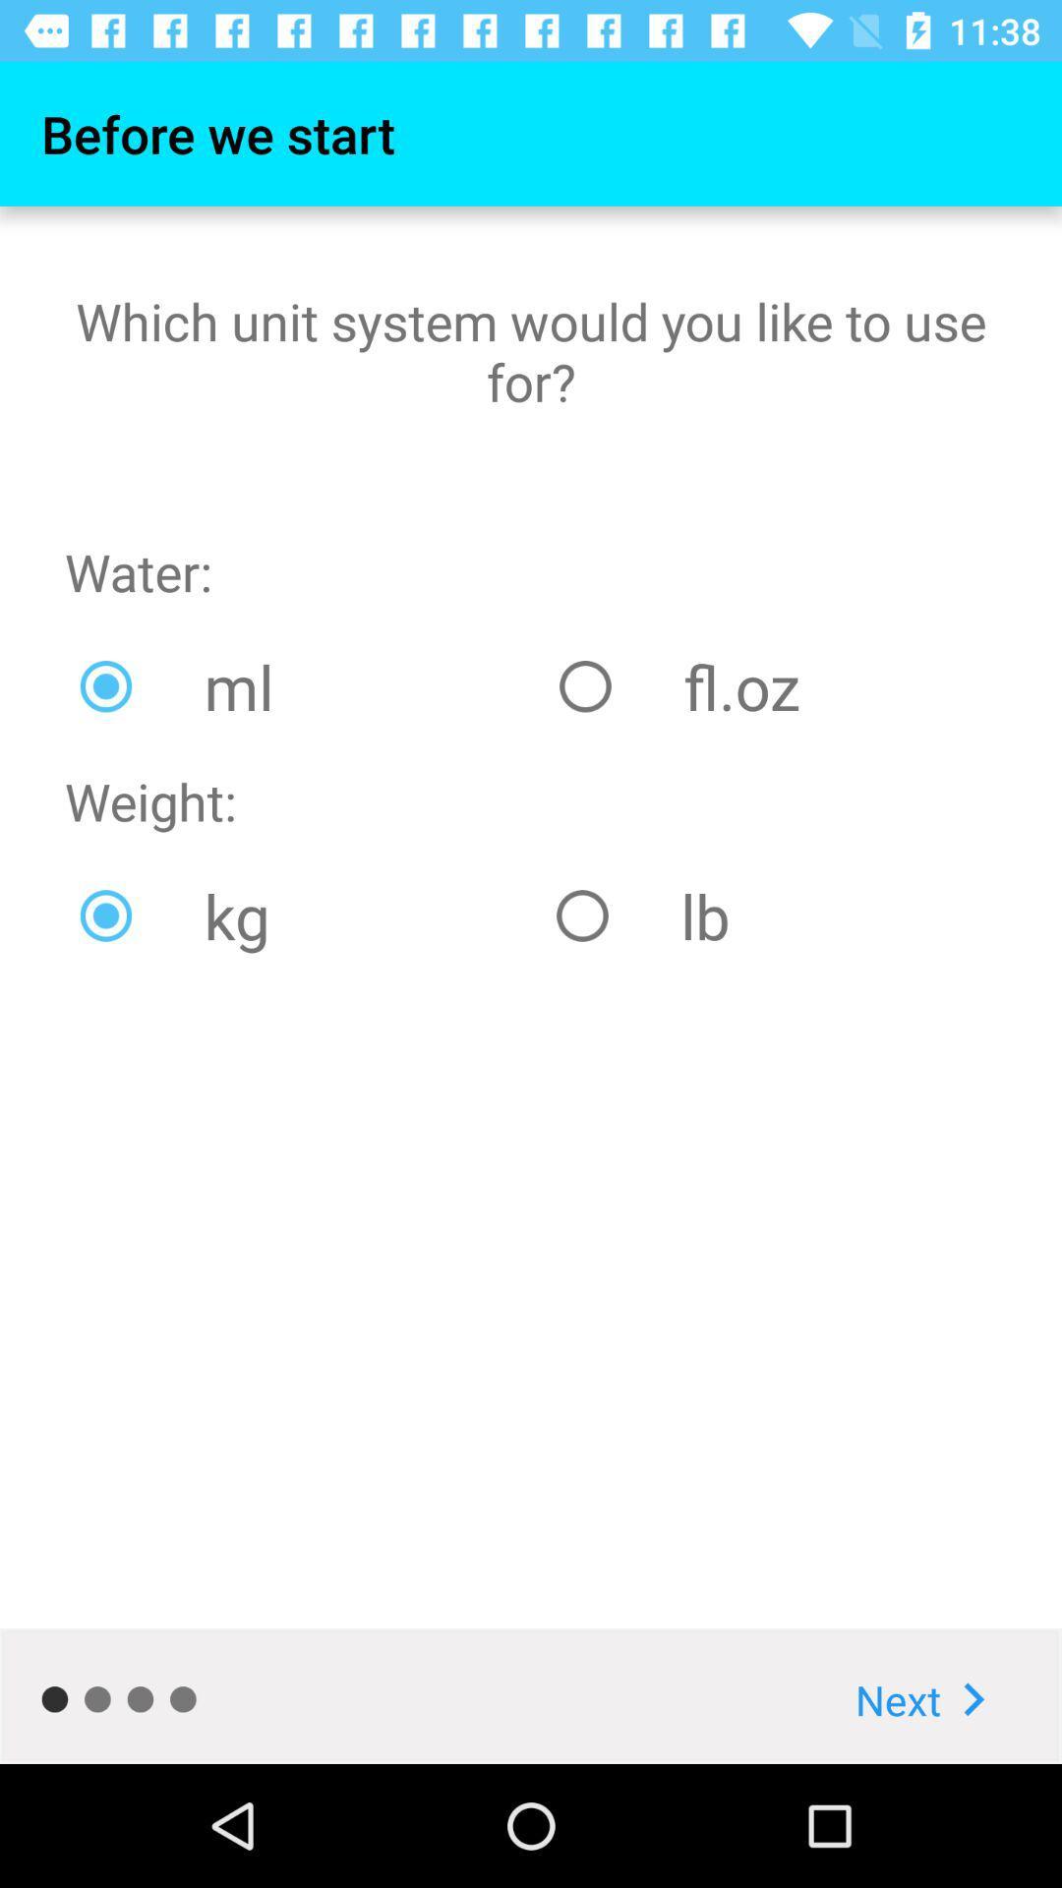  I want to click on ml item, so click(304, 686).